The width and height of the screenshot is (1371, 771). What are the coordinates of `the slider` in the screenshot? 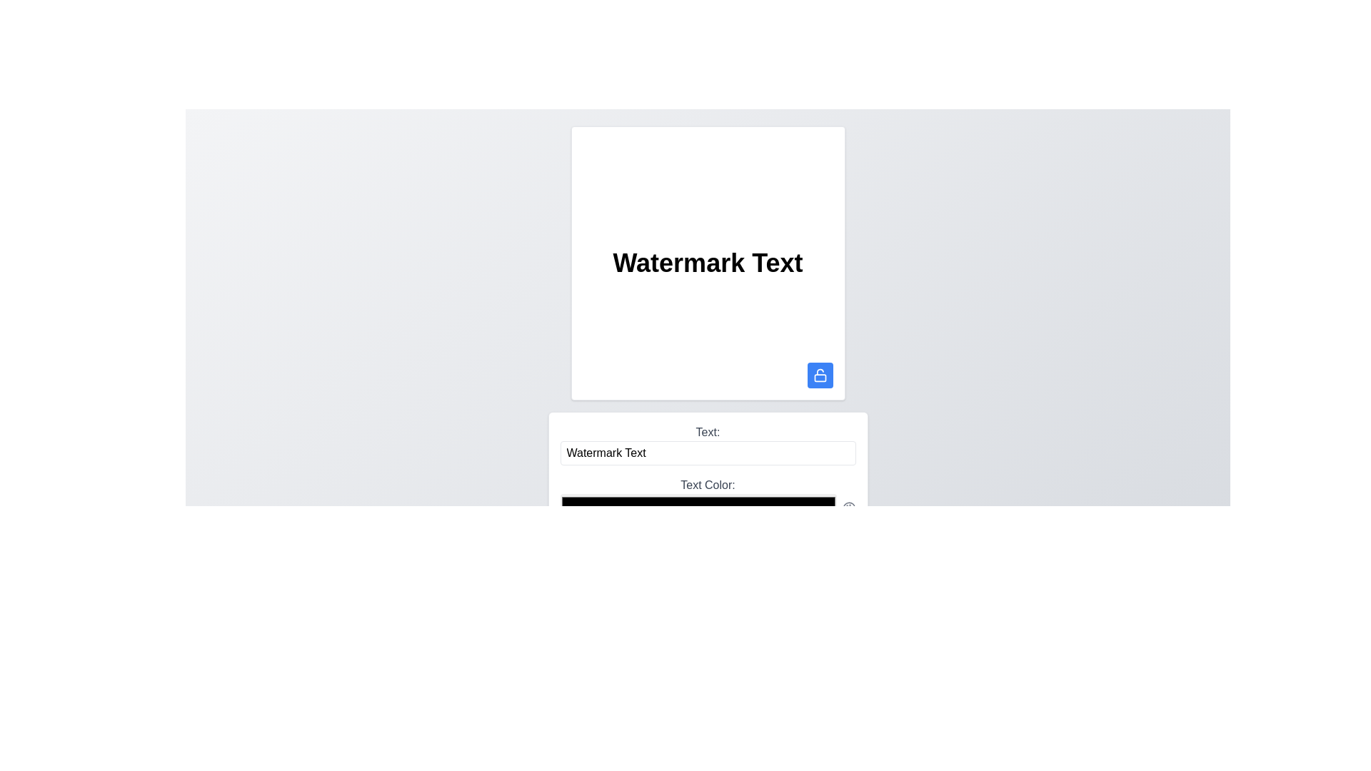 It's located at (644, 558).